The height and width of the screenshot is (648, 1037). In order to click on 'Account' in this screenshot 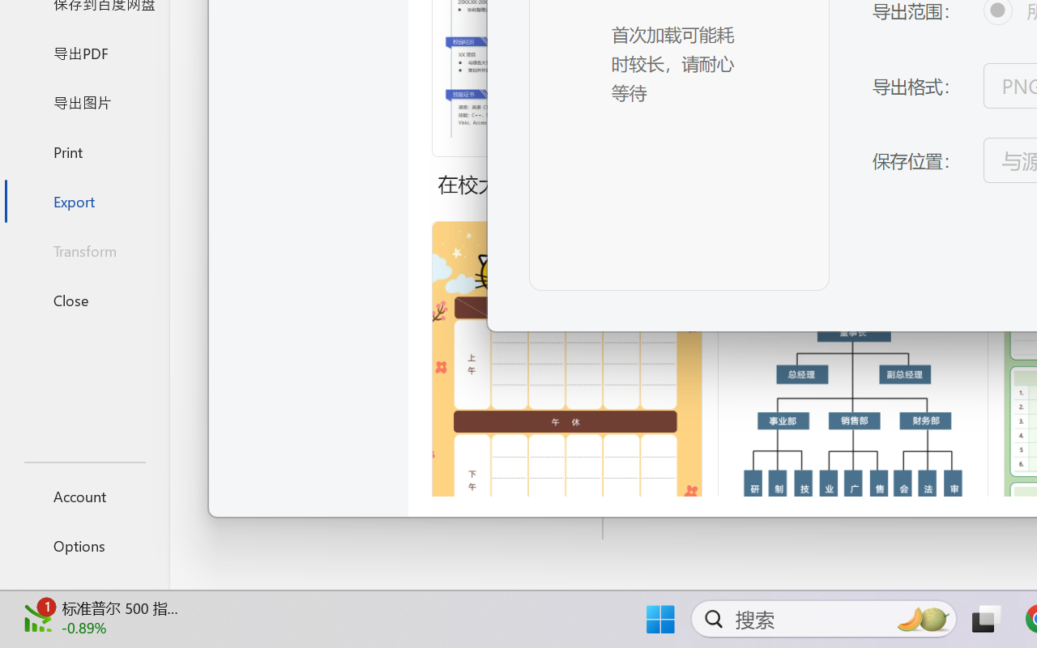, I will do `click(83, 496)`.